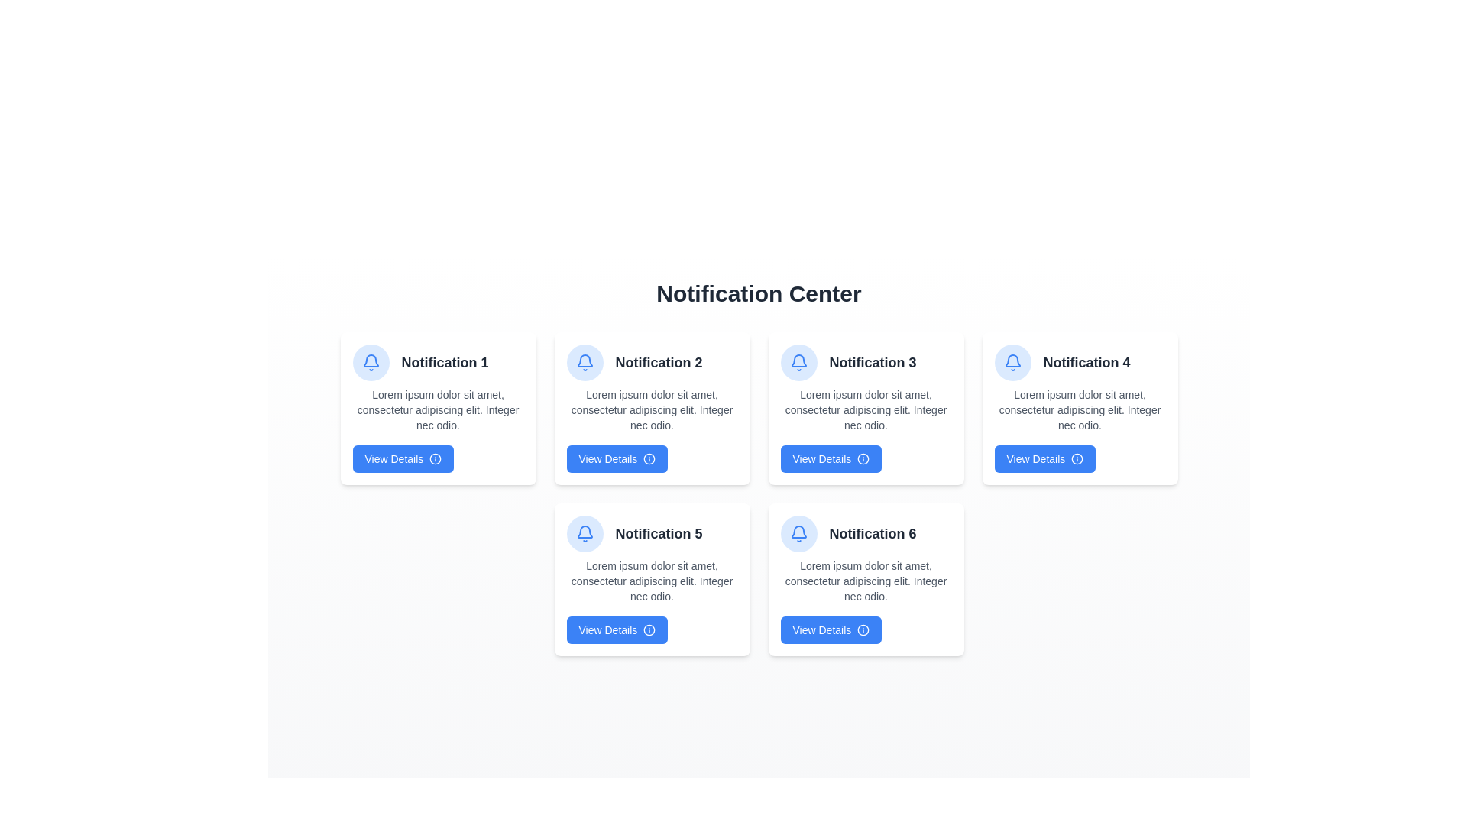 The width and height of the screenshot is (1467, 825). What do you see at coordinates (617, 630) in the screenshot?
I see `the 'View Details' button with a blue background and white text located in the 'Notification 5' card to observe its hover effects` at bounding box center [617, 630].